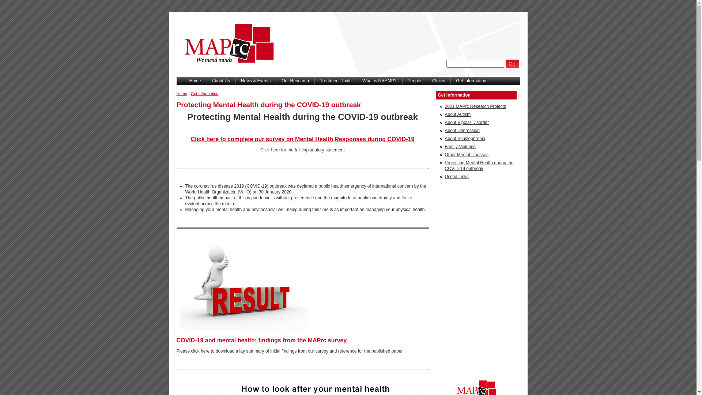 Image resolution: width=702 pixels, height=395 pixels. Describe the element at coordinates (512, 63) in the screenshot. I see `'Search'` at that location.